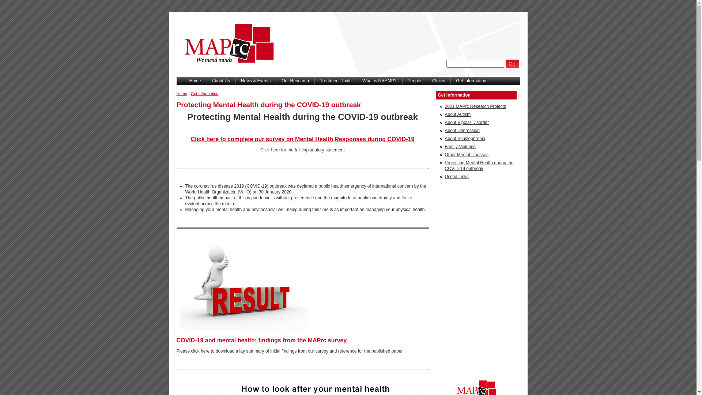 Image resolution: width=702 pixels, height=395 pixels. Describe the element at coordinates (512, 63) in the screenshot. I see `'Search'` at that location.